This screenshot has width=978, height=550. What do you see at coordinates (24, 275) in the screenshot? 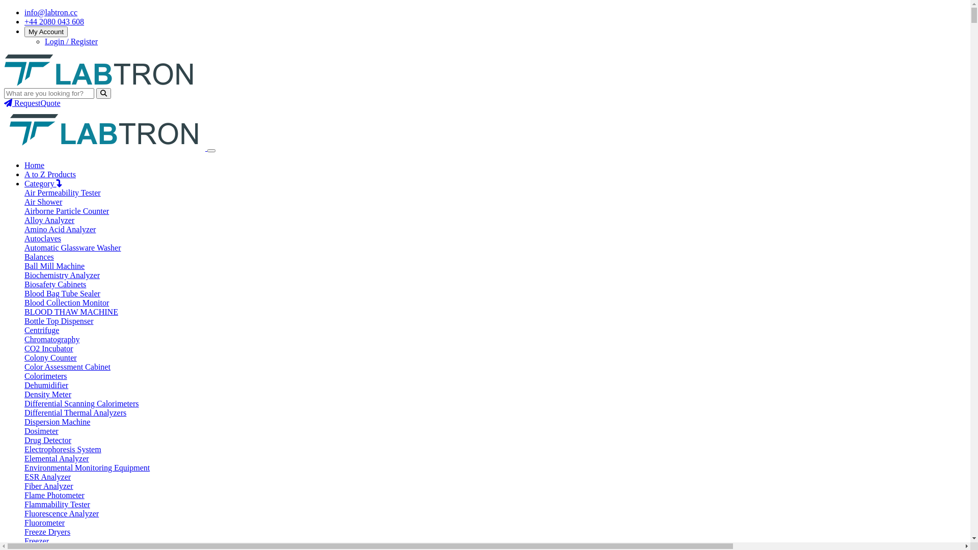
I see `'Biochemistry Analyzer'` at bounding box center [24, 275].